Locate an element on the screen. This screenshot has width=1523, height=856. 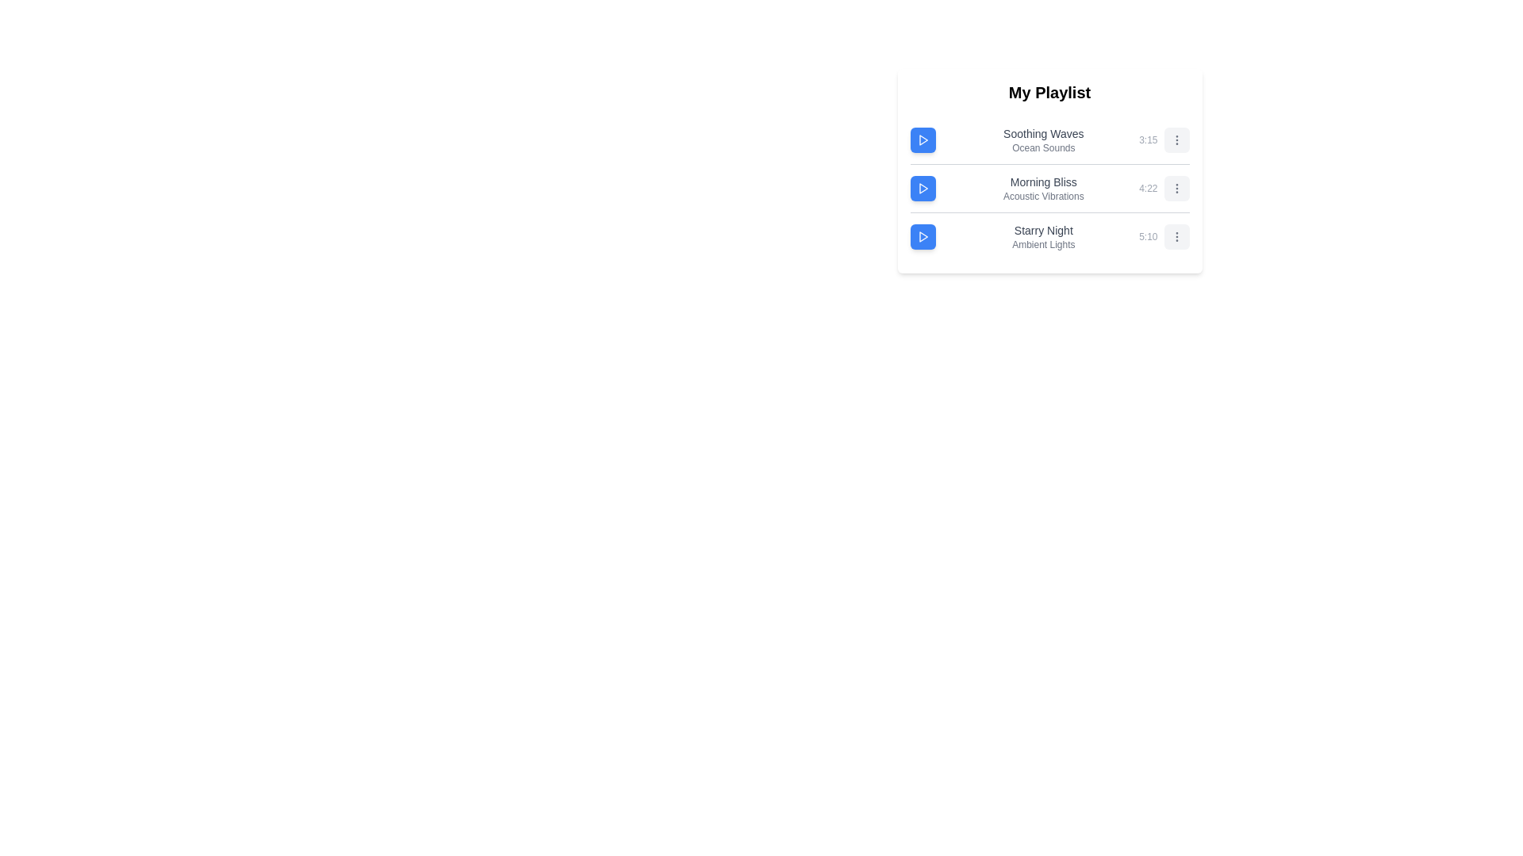
the text label displaying '4:22', which is styled in gray and positioned to the far right of the music track row labeled 'Morning Bliss' is located at coordinates (1148, 188).